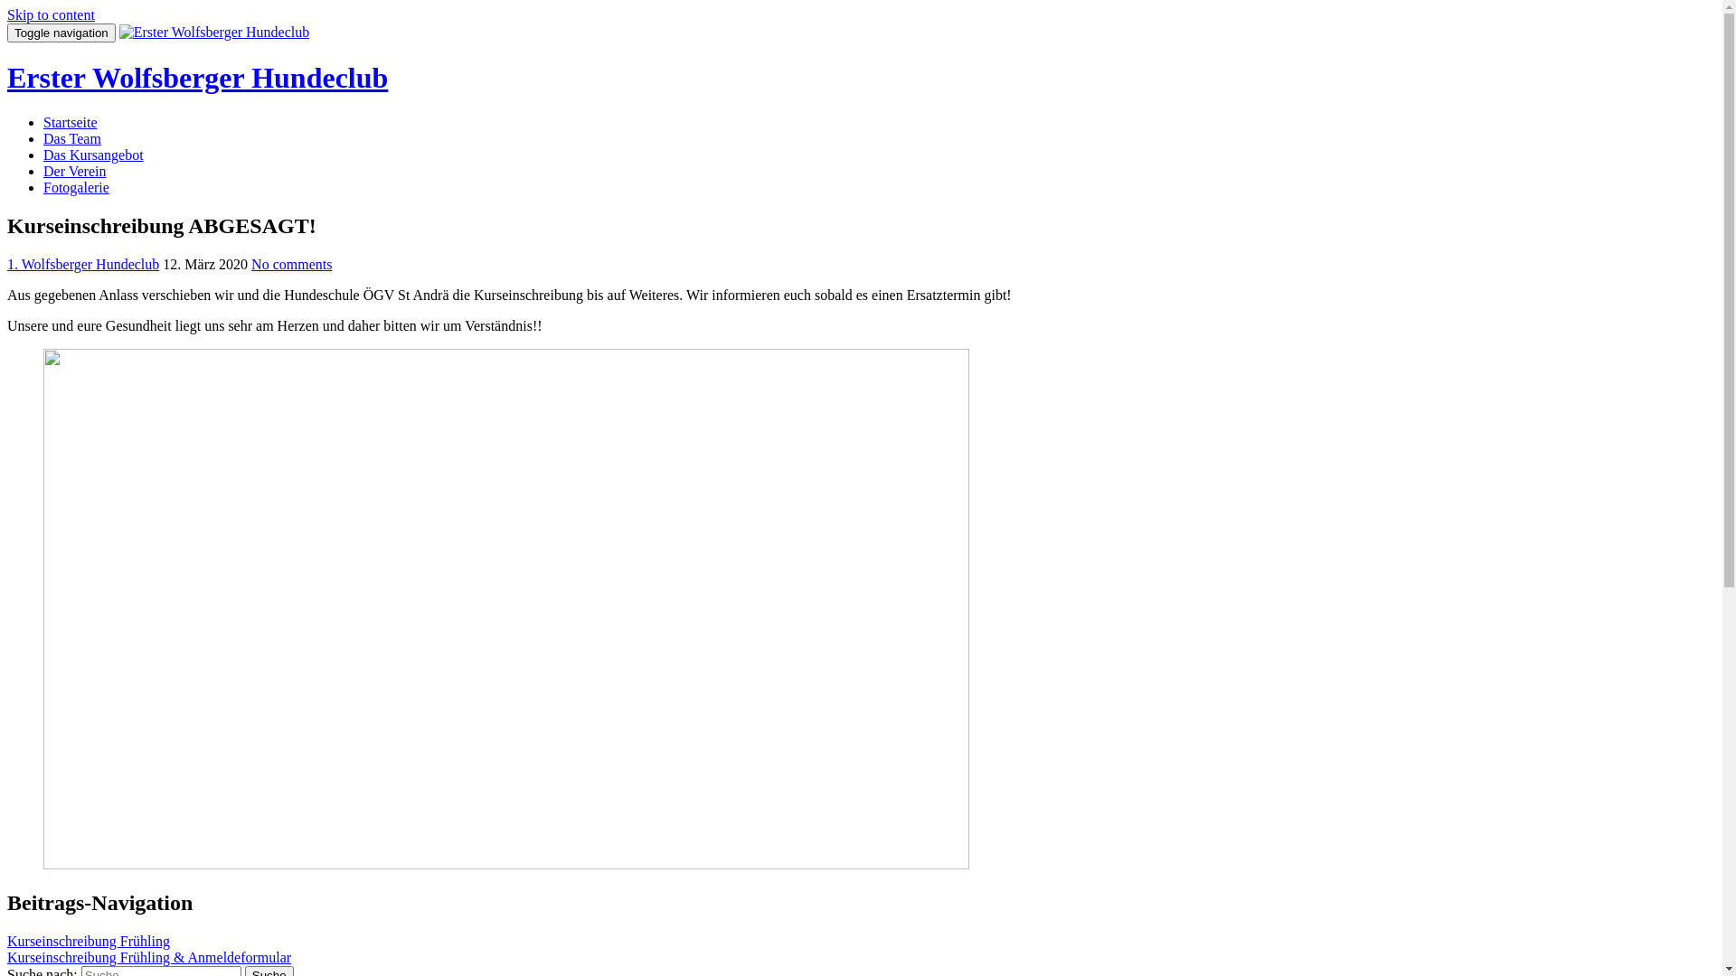 This screenshot has width=1736, height=976. What do you see at coordinates (61, 33) in the screenshot?
I see `'Toggle navigation'` at bounding box center [61, 33].